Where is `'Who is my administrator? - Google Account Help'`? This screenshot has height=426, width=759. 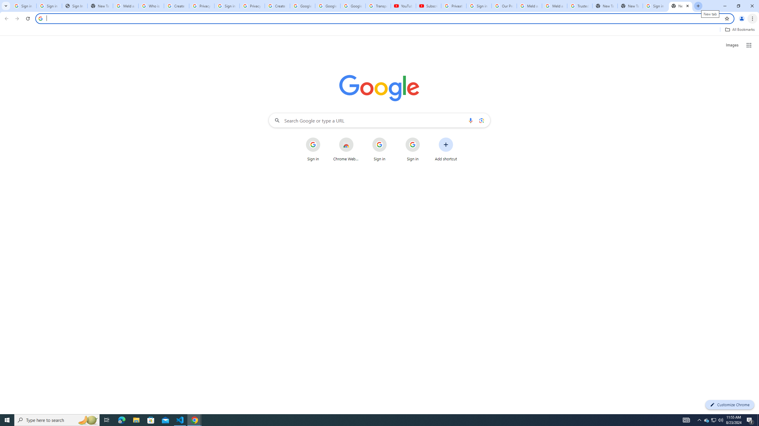 'Who is my administrator? - Google Account Help' is located at coordinates (151, 6).